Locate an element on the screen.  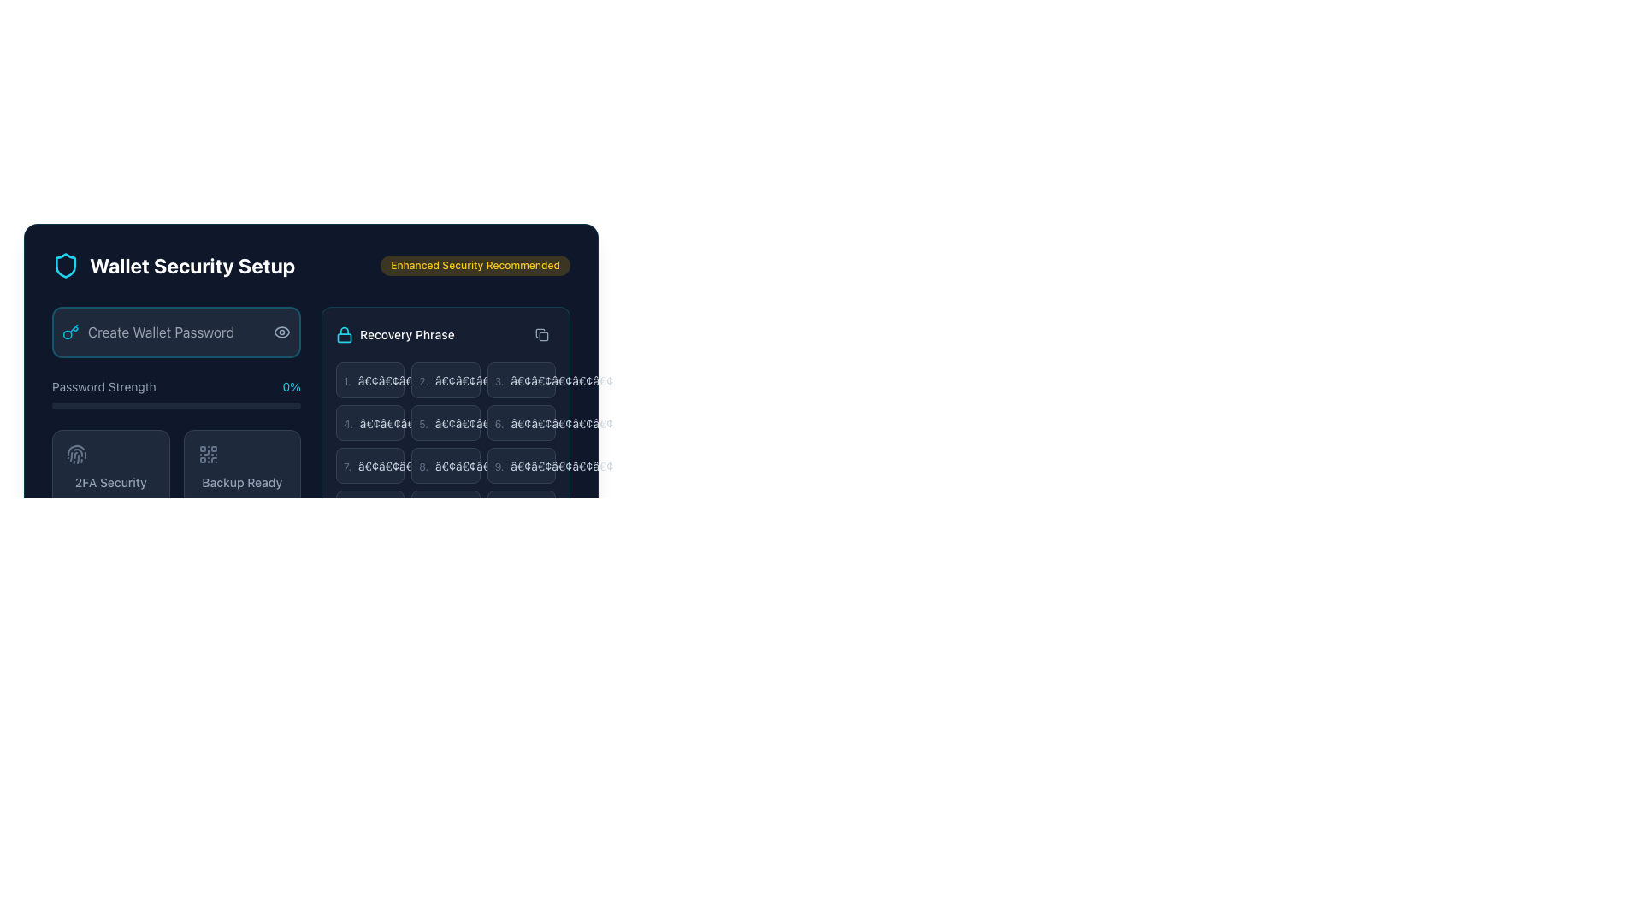
the static text element in the sixth row of the 'Recovery Phrase' list is located at coordinates (562, 423).